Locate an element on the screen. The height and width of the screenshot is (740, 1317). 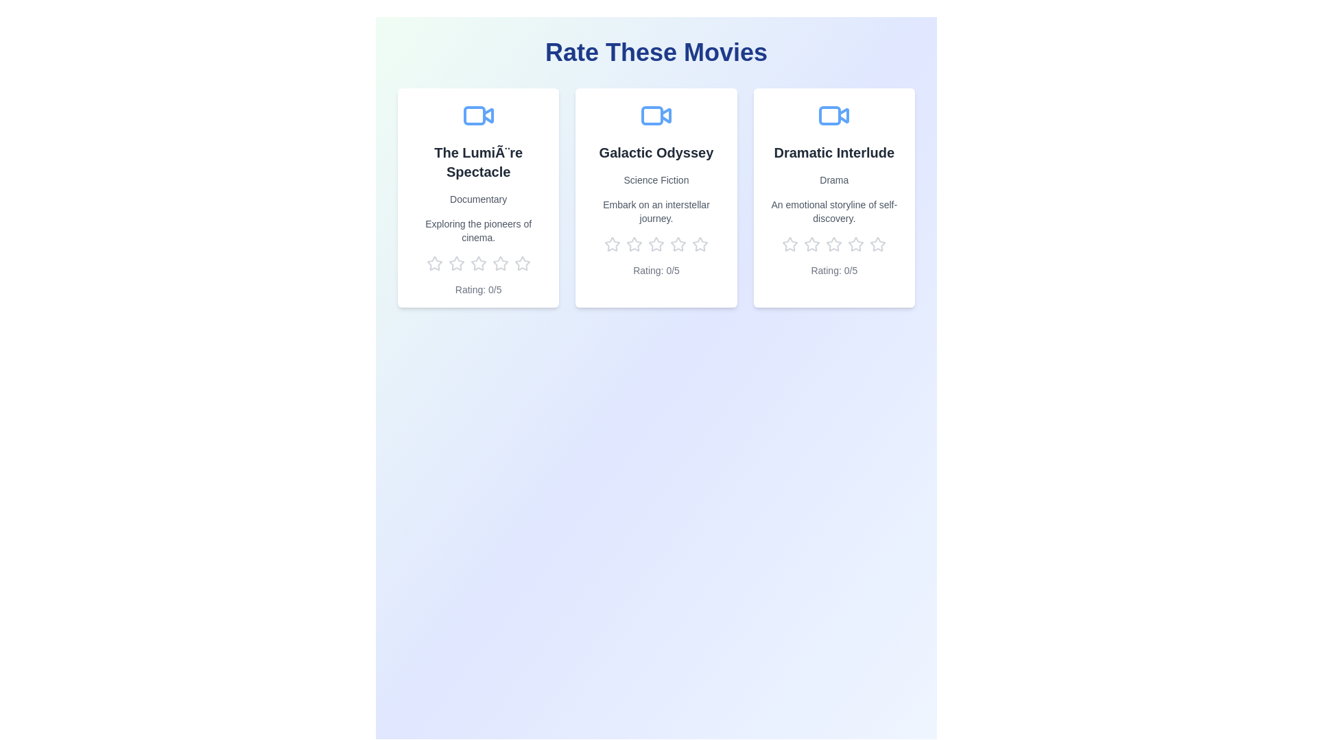
the rating for a movie to 3 stars by clicking on the corresponding star is located at coordinates (470, 264).